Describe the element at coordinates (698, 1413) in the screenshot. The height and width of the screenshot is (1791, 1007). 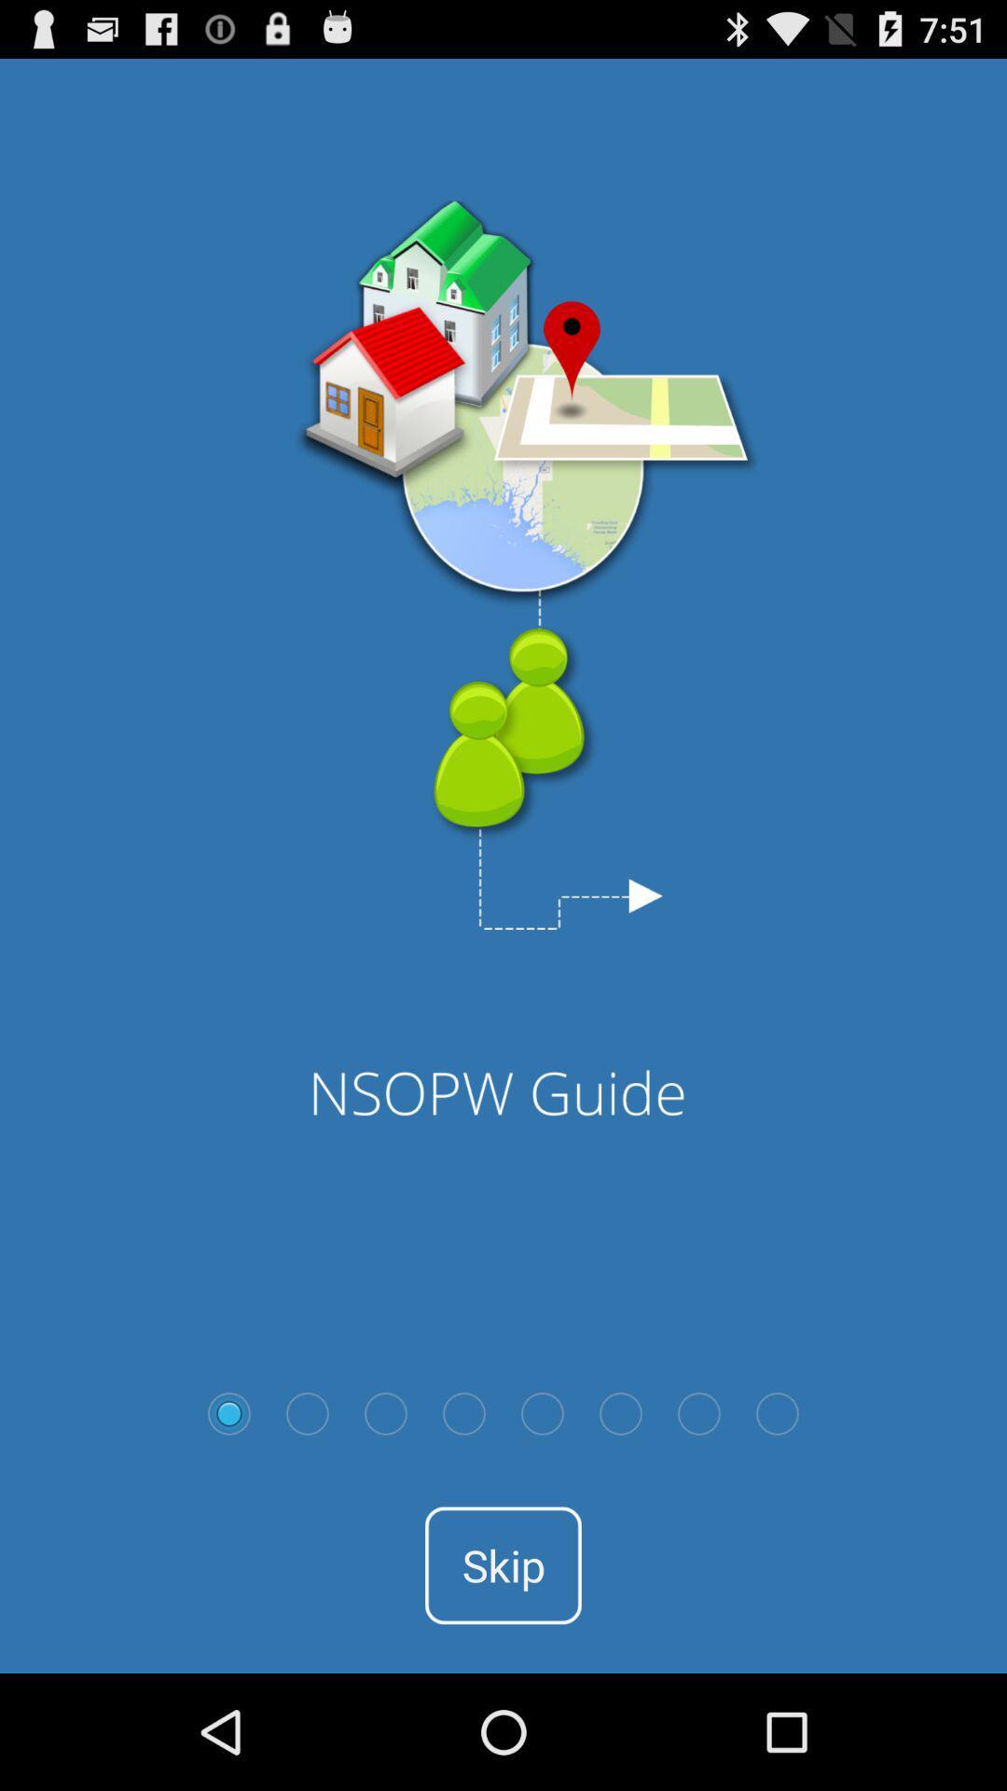
I see `next` at that location.